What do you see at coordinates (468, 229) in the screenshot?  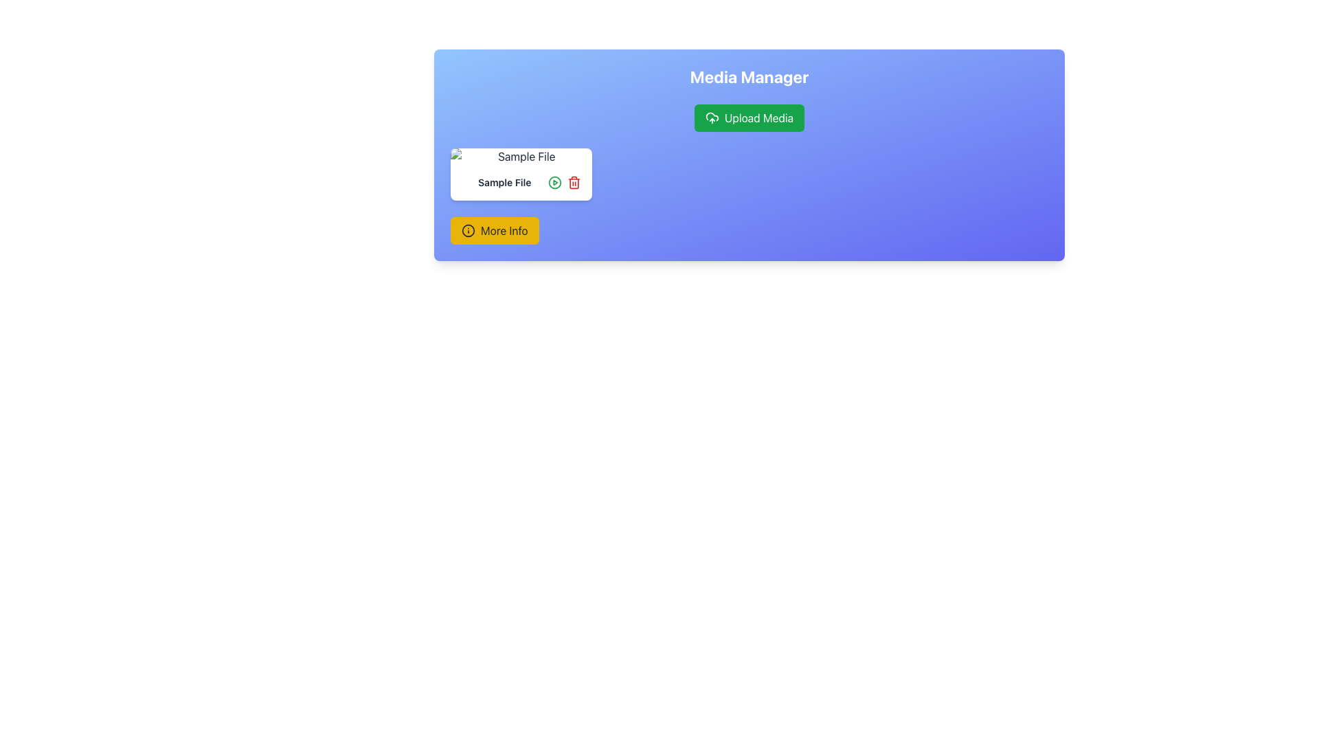 I see `the circular information icon located within the 'More Info' yellow button on the left side of the application interface` at bounding box center [468, 229].